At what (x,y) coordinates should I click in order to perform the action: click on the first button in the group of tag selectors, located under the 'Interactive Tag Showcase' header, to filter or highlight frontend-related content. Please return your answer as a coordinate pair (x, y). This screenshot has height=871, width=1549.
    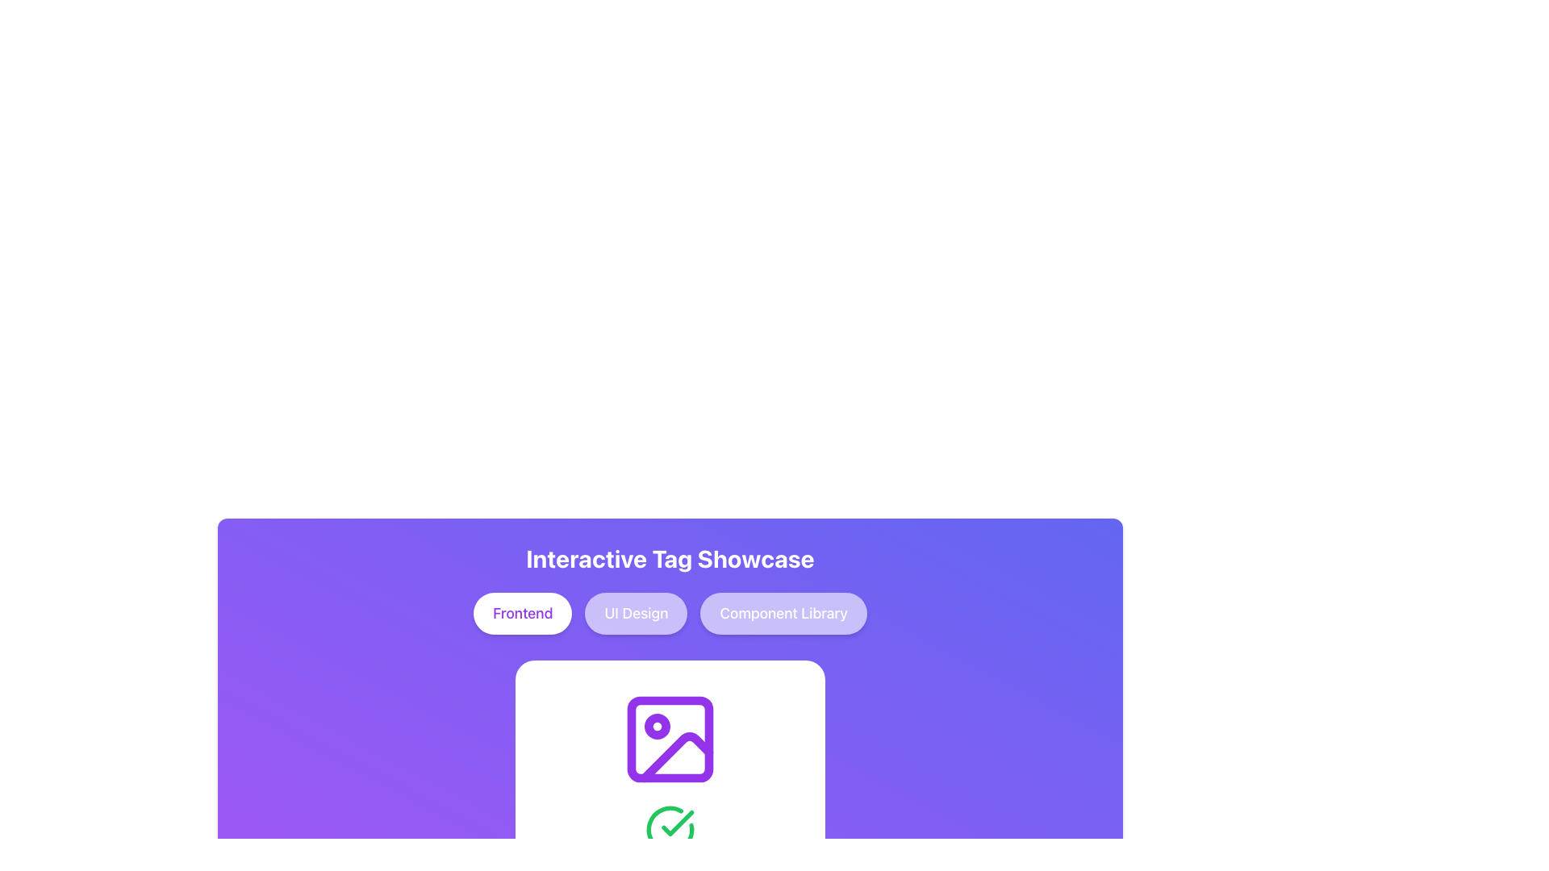
    Looking at the image, I should click on (523, 613).